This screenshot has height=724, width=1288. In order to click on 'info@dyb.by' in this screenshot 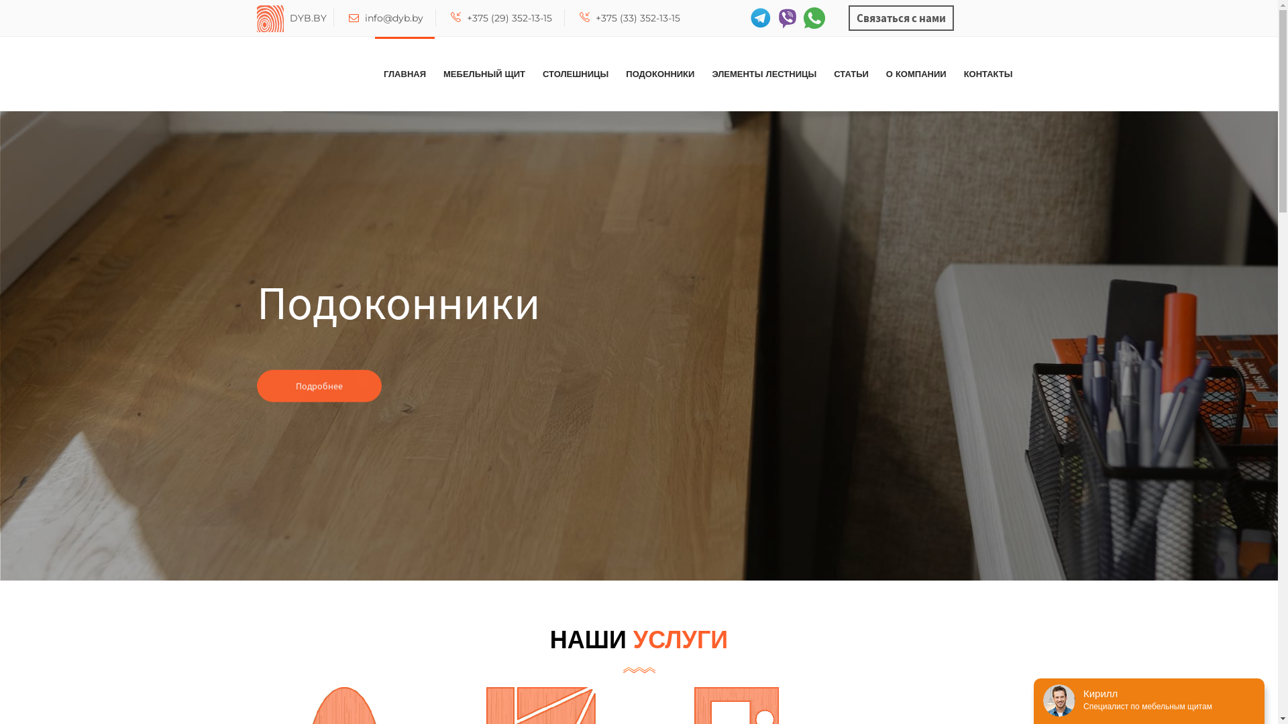, I will do `click(348, 18)`.